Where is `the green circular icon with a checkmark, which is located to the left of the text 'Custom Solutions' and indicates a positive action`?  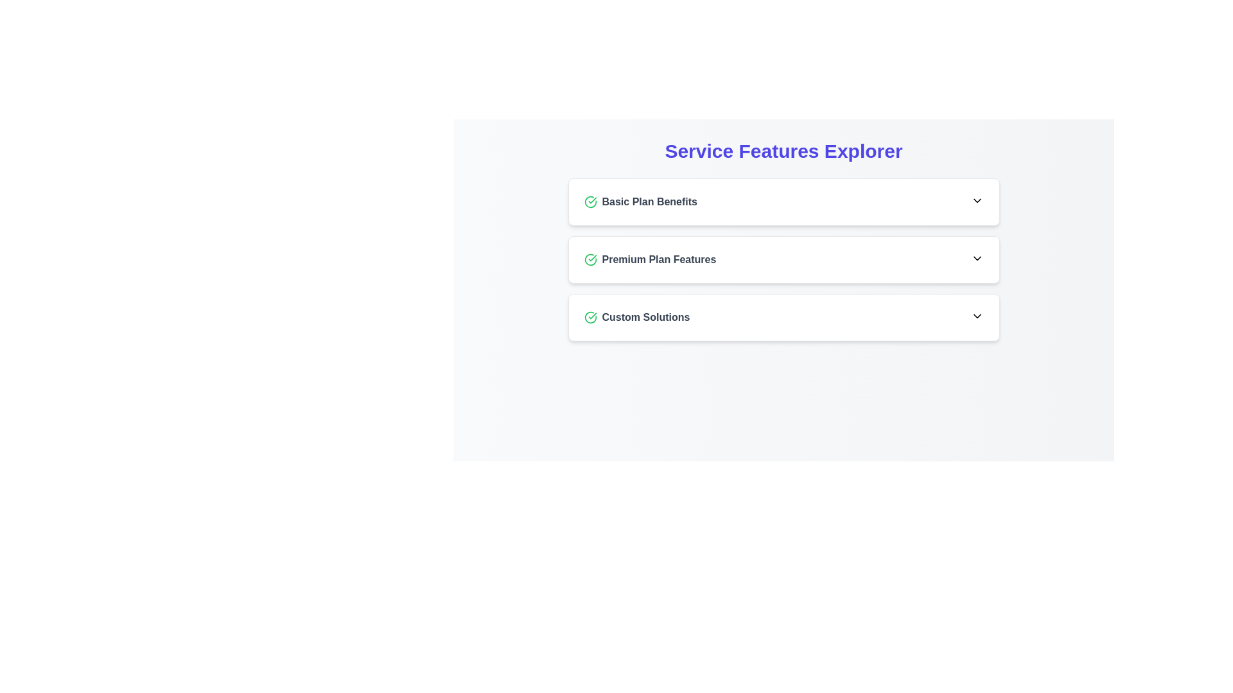 the green circular icon with a checkmark, which is located to the left of the text 'Custom Solutions' and indicates a positive action is located at coordinates (590, 317).